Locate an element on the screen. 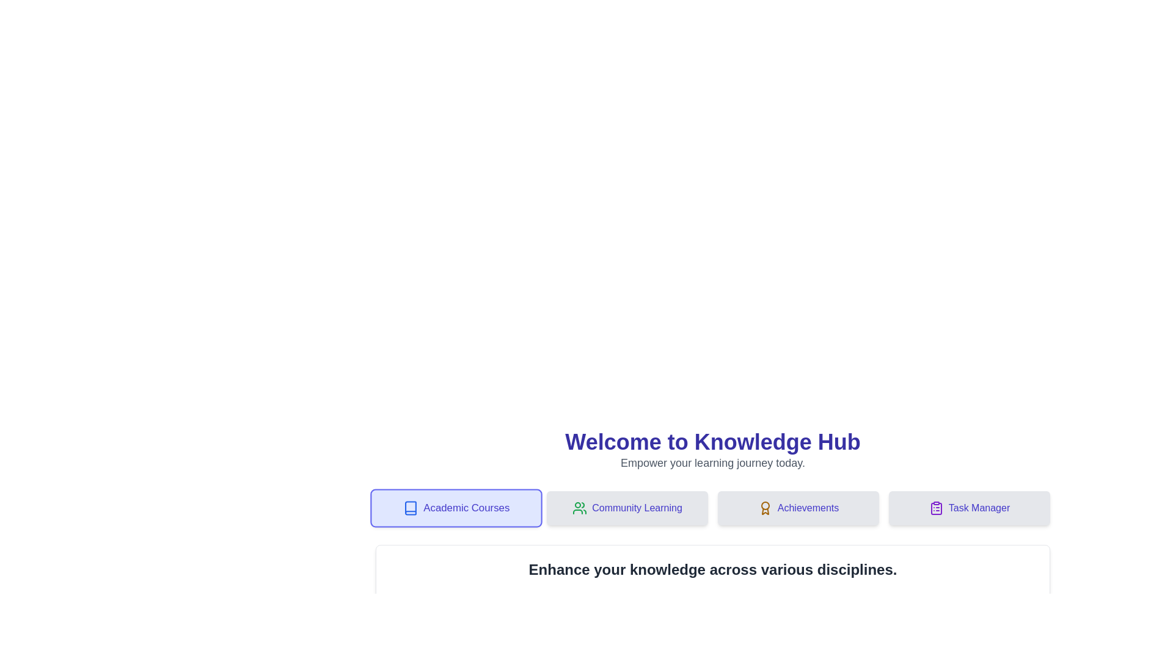 This screenshot has height=659, width=1173. the 'Task Manager' tab button to view its content is located at coordinates (969, 508).